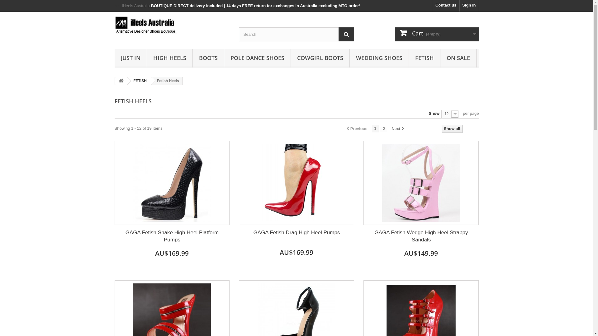 The height and width of the screenshot is (336, 598). I want to click on 'Cart (empty)', so click(394, 34).